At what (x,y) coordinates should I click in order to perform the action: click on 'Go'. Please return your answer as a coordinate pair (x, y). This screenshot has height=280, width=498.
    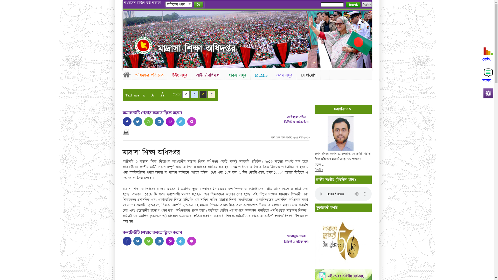
    Looking at the image, I should click on (193, 4).